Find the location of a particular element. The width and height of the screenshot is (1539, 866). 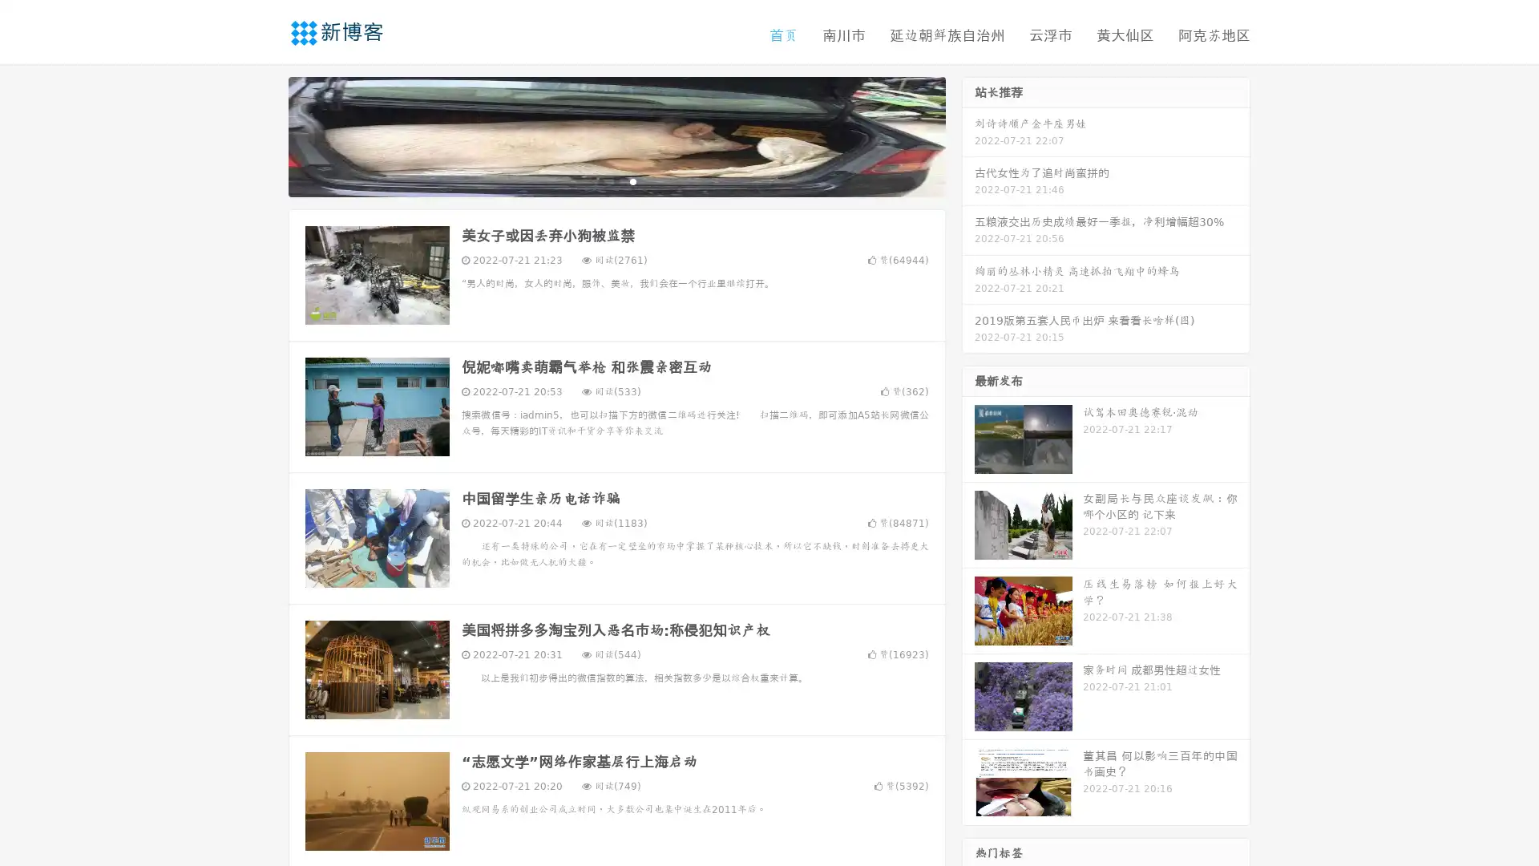

Previous slide is located at coordinates (265, 135).